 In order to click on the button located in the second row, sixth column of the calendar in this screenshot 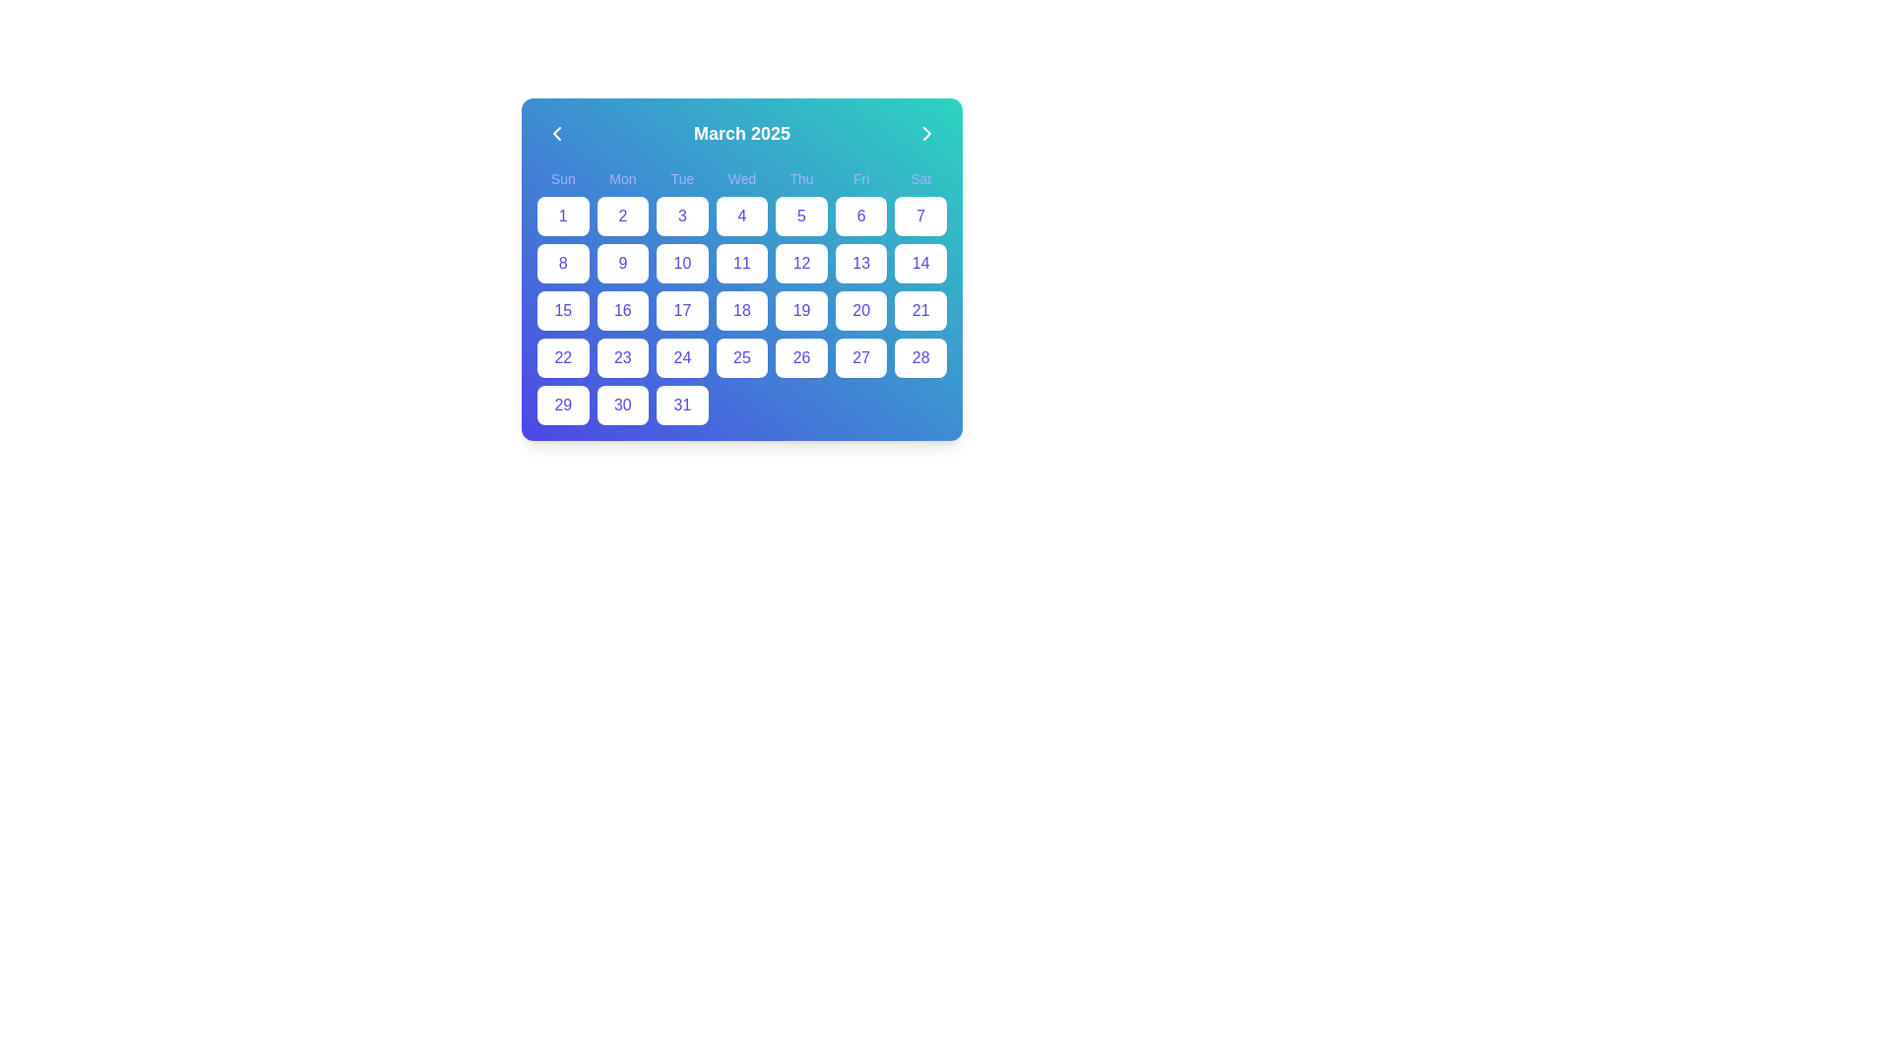, I will do `click(860, 216)`.